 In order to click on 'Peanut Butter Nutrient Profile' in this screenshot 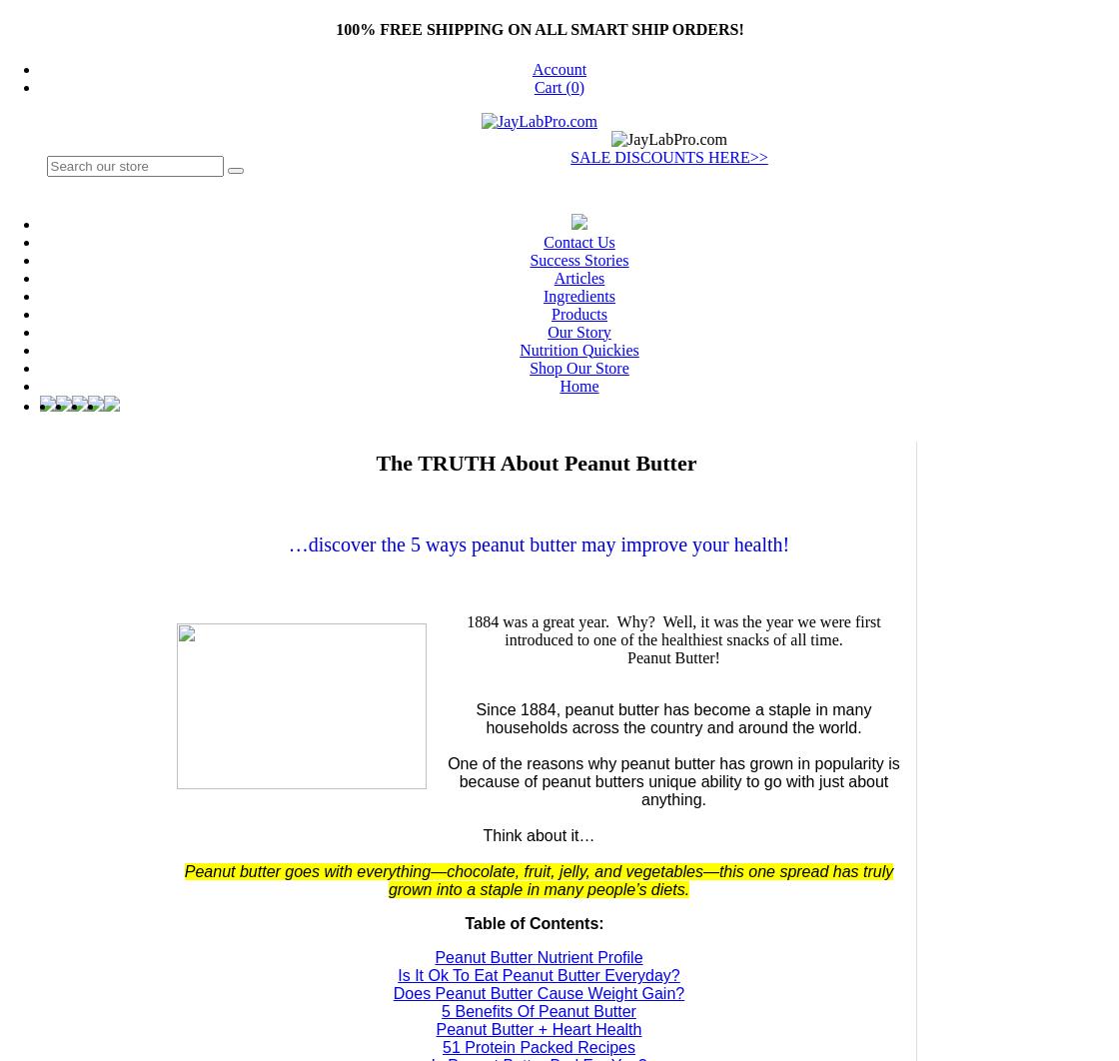, I will do `click(538, 956)`.